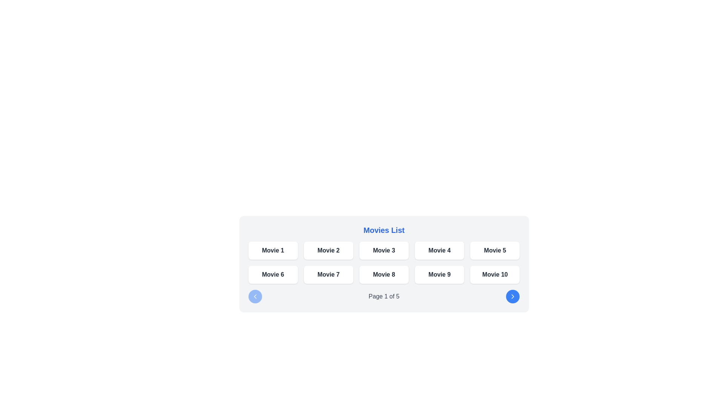  Describe the element at coordinates (273, 250) in the screenshot. I see `the 'Movie 1' button, which is a rectangular white button with rounded corners and bold dark gray text` at that location.